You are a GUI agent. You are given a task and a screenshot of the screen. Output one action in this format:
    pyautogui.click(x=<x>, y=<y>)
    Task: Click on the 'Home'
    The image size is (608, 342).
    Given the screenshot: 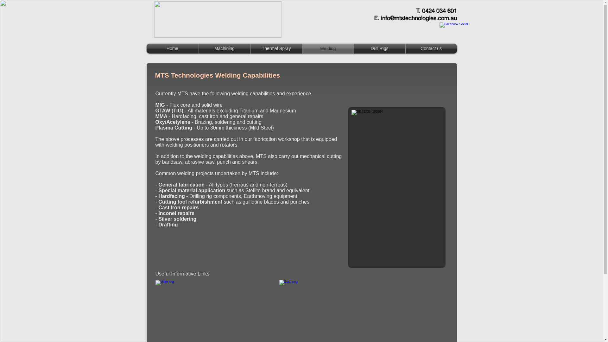 What is the action you would take?
    pyautogui.click(x=172, y=48)
    